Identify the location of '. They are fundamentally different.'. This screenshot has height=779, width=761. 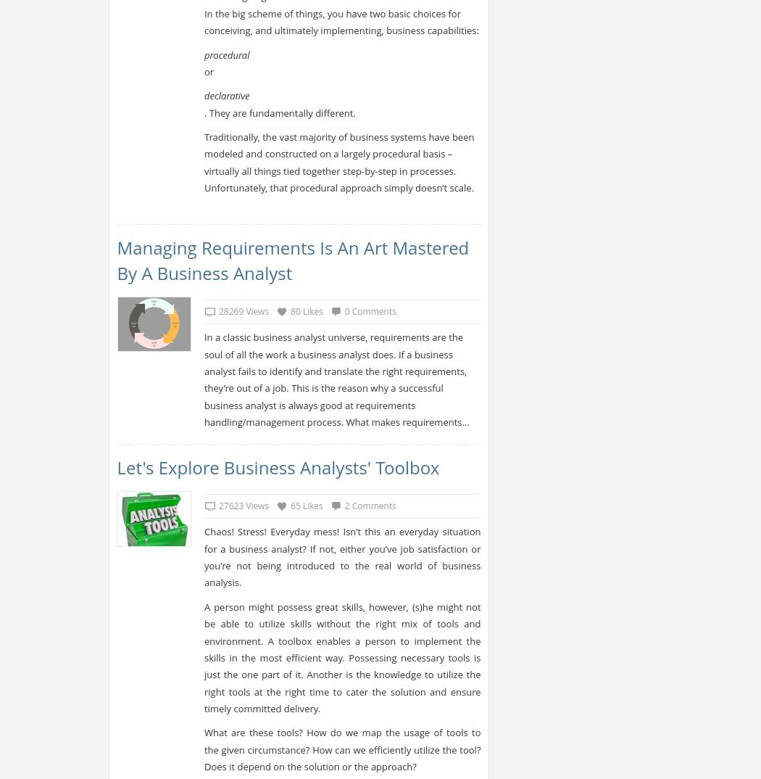
(282, 111).